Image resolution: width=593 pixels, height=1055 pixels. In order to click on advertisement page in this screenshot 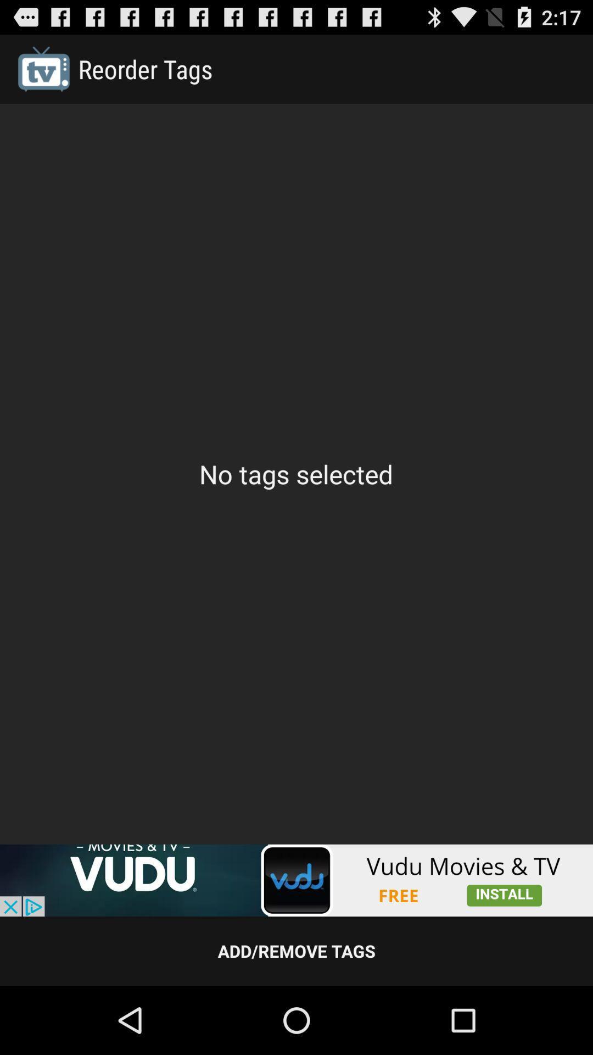, I will do `click(296, 880)`.